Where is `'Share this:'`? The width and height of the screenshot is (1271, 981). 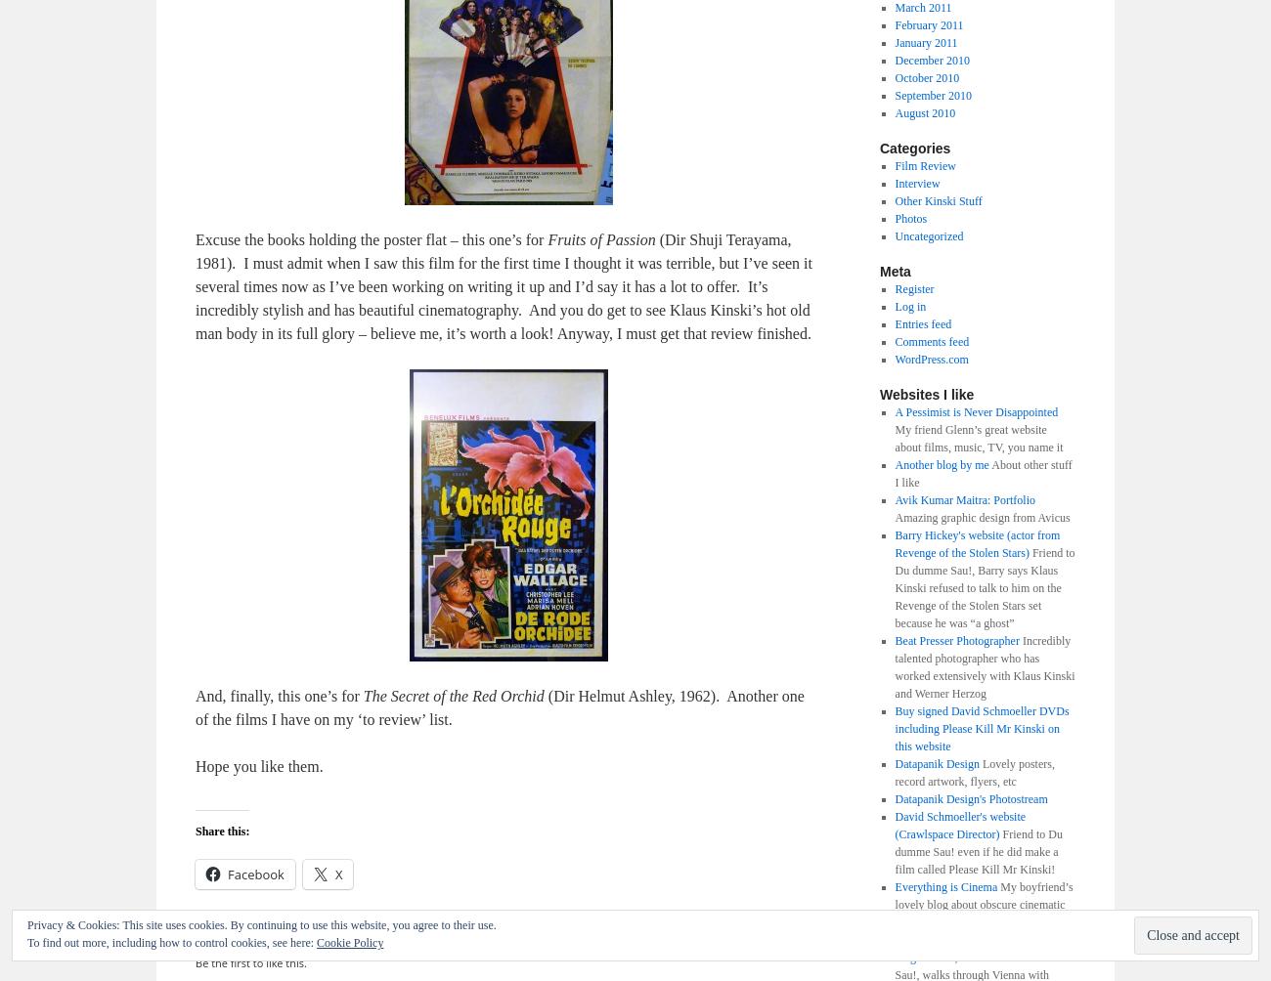 'Share this:' is located at coordinates (221, 831).